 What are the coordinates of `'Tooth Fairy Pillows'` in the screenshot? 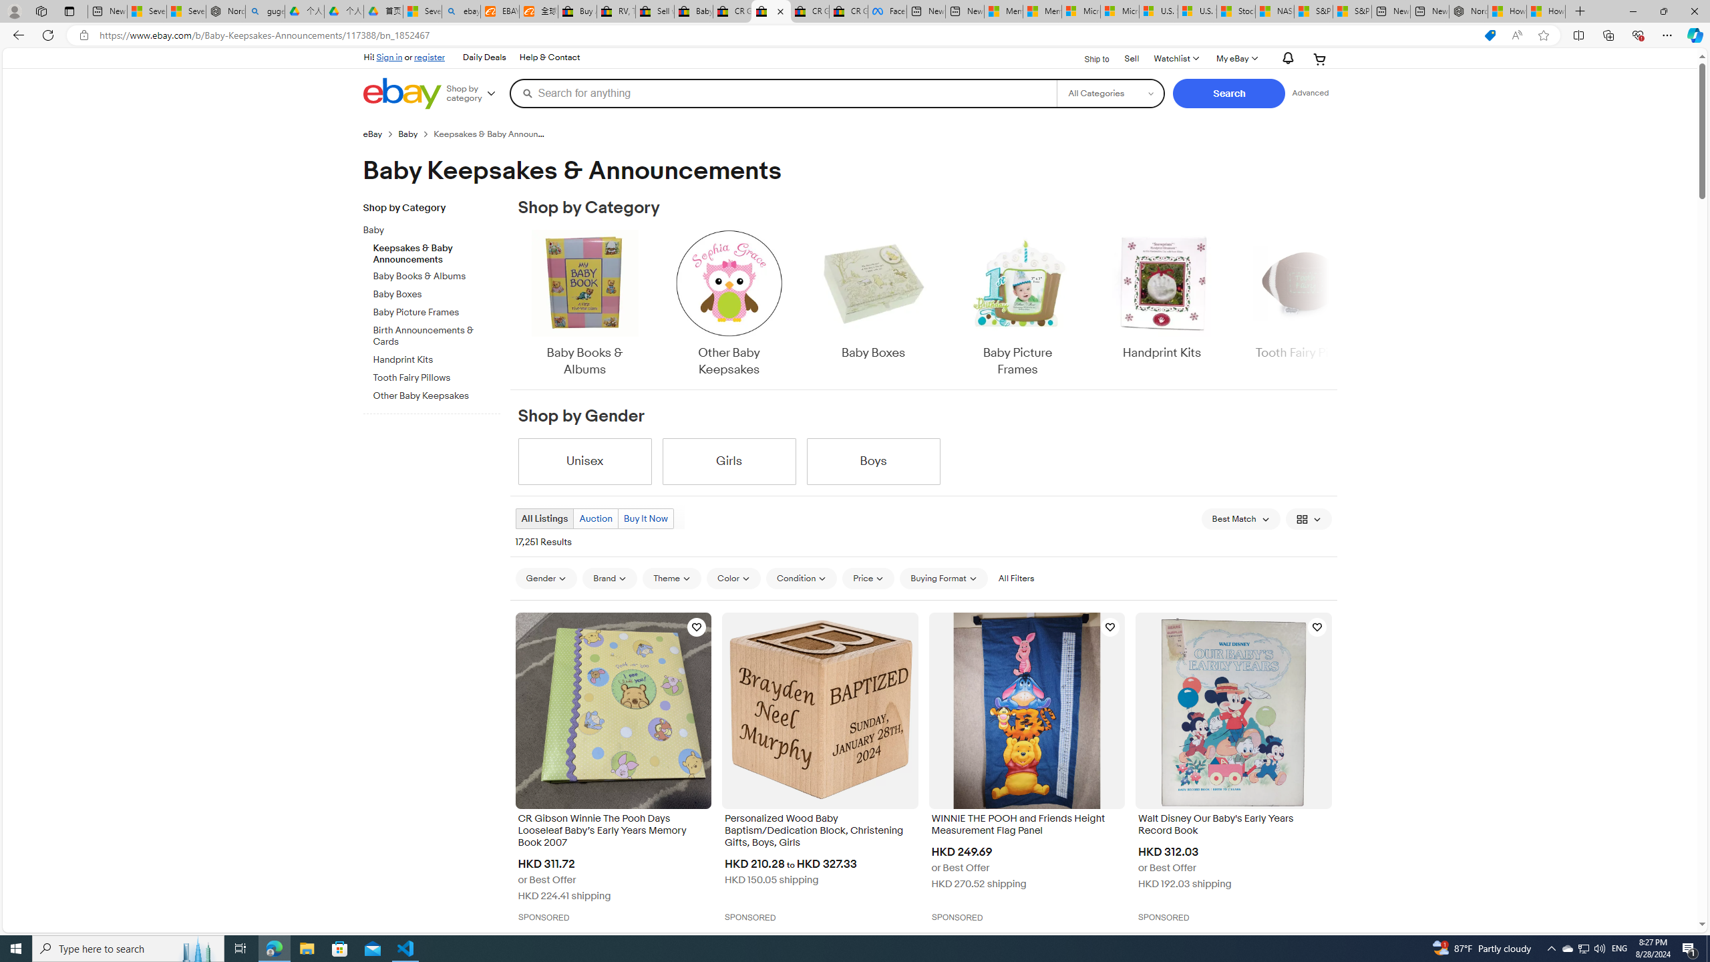 It's located at (436, 378).